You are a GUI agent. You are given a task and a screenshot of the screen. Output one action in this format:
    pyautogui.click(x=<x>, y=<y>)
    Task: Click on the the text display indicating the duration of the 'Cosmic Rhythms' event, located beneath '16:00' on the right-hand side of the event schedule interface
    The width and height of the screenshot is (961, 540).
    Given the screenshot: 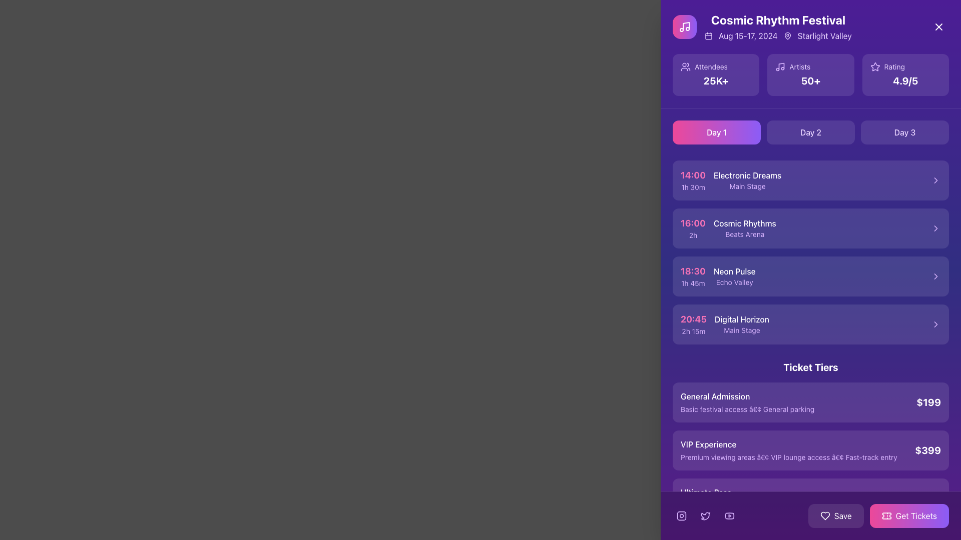 What is the action you would take?
    pyautogui.click(x=692, y=235)
    